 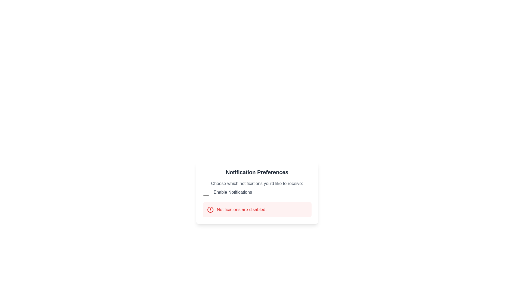 What do you see at coordinates (210, 209) in the screenshot?
I see `the graphical alert indicator that signifies notifications are disabled, located left to the text 'Notifications are disabled.' in the notification preference card` at bounding box center [210, 209].